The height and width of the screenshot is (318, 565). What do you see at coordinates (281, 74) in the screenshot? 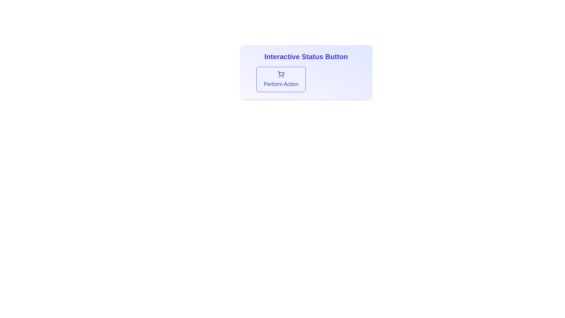
I see `the shopping cart icon located at the center of the 'Perform Action' button within the 'Interactive Status Button' card` at bounding box center [281, 74].